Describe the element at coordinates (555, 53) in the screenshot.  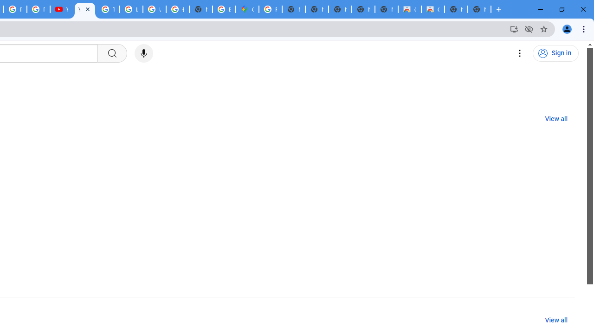
I see `'Sign in'` at that location.